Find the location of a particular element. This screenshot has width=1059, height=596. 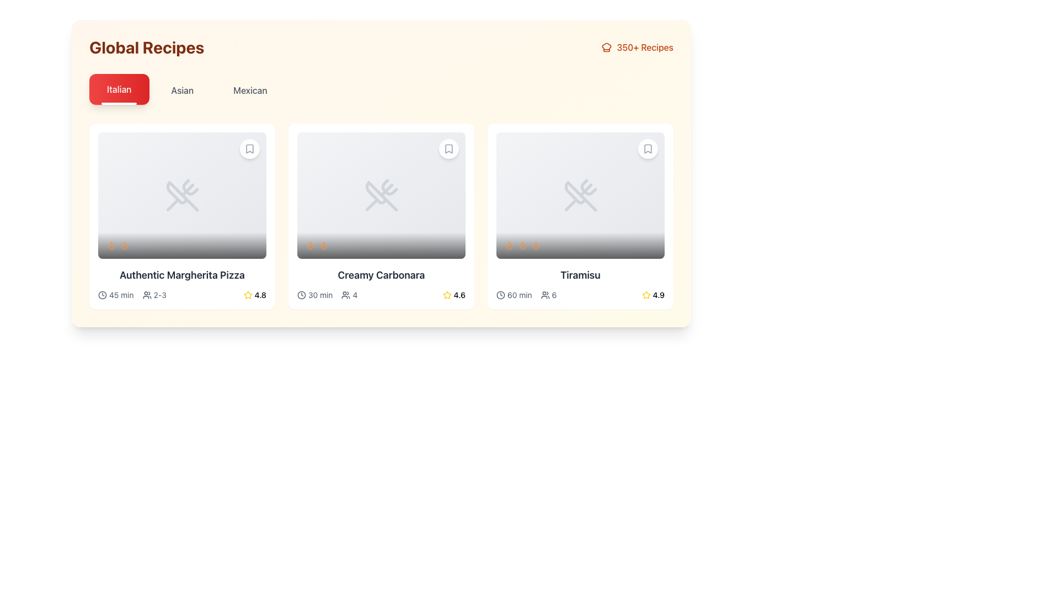

the icon depicting a group of people, which is styled with a rounded outline and filled with a neutral color, located to the left of the text '4' in the 'Creamy Carbonara' section is located at coordinates (345, 294).